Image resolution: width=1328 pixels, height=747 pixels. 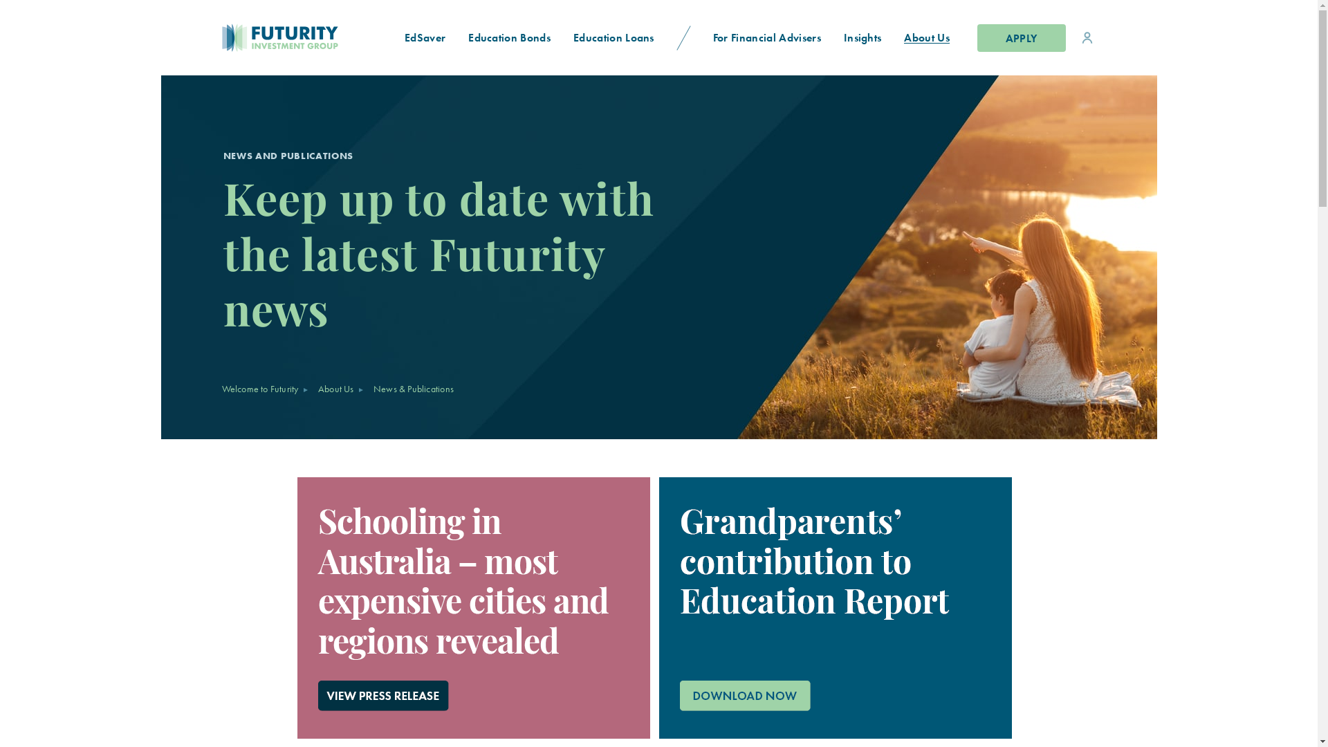 What do you see at coordinates (424, 37) in the screenshot?
I see `'EdSaver'` at bounding box center [424, 37].